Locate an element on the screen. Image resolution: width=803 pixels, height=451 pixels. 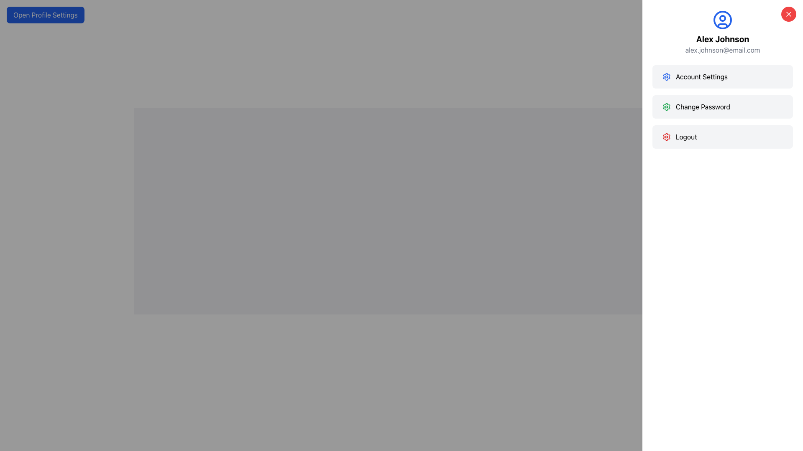
the red circular gear-like icon representing the settings within the 'Logout' menu is located at coordinates (666, 136).